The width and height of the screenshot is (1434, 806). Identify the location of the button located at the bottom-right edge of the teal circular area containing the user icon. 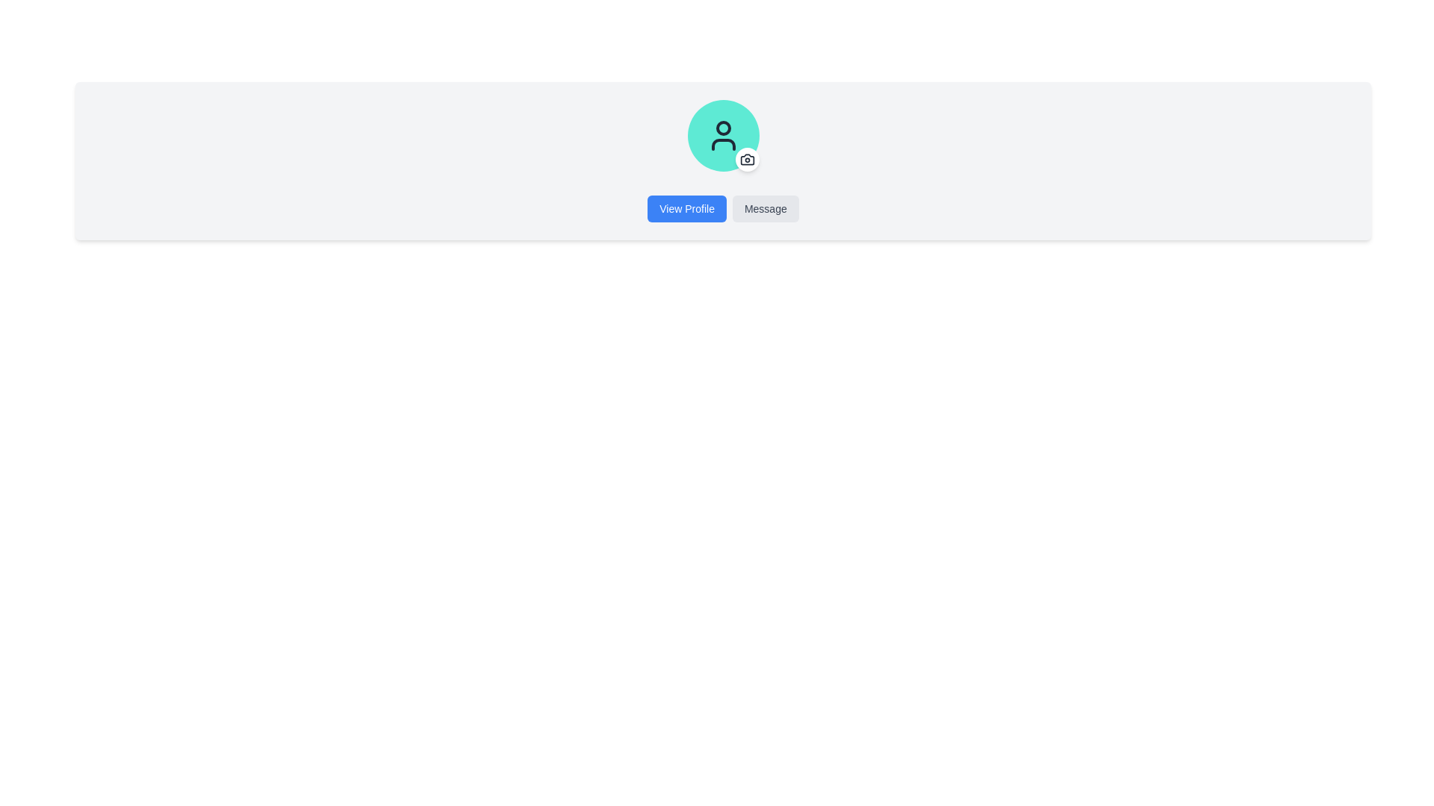
(746, 159).